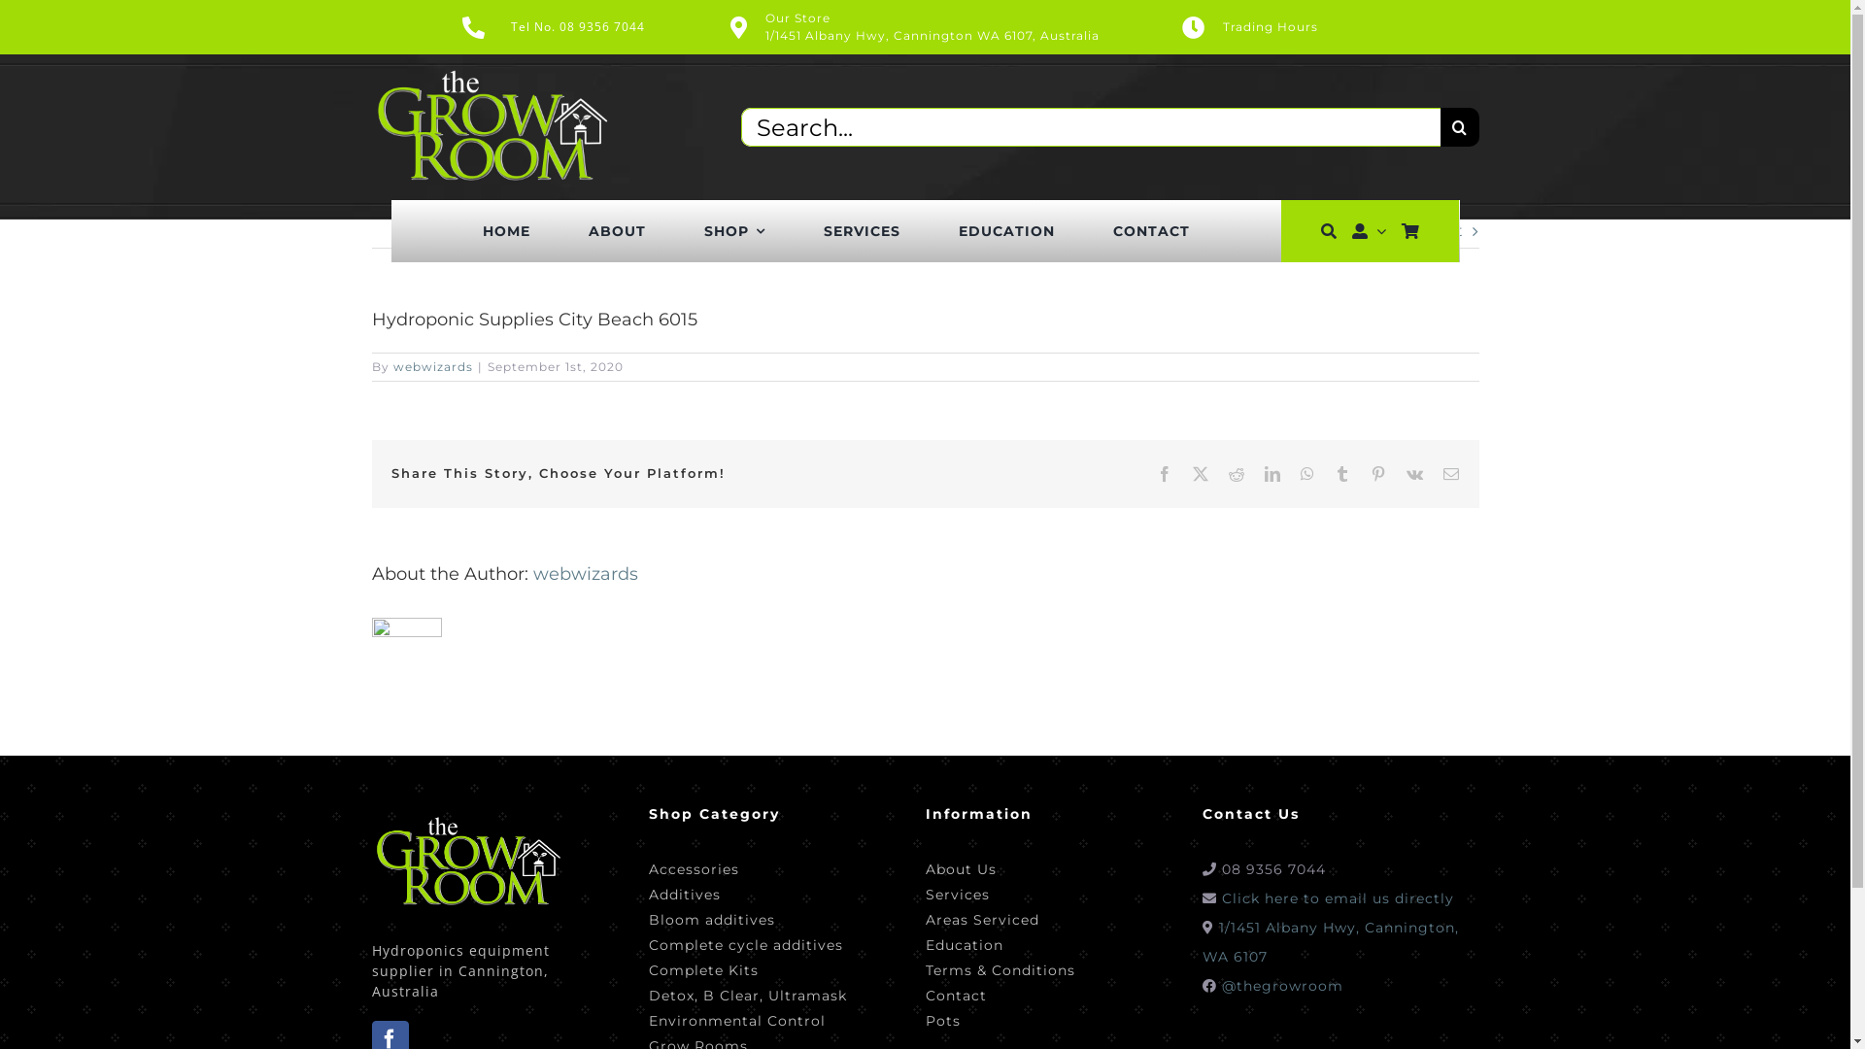 This screenshot has width=1865, height=1049. What do you see at coordinates (1320, 26) in the screenshot?
I see `'Trading Hours'` at bounding box center [1320, 26].